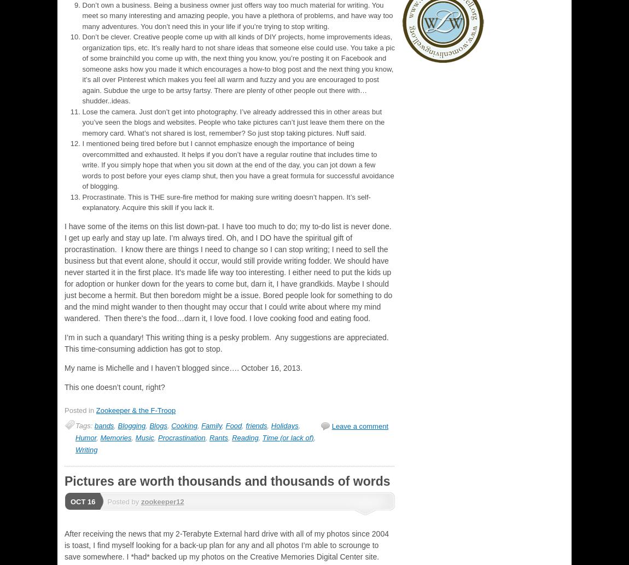  What do you see at coordinates (63, 410) in the screenshot?
I see `'Posted in'` at bounding box center [63, 410].